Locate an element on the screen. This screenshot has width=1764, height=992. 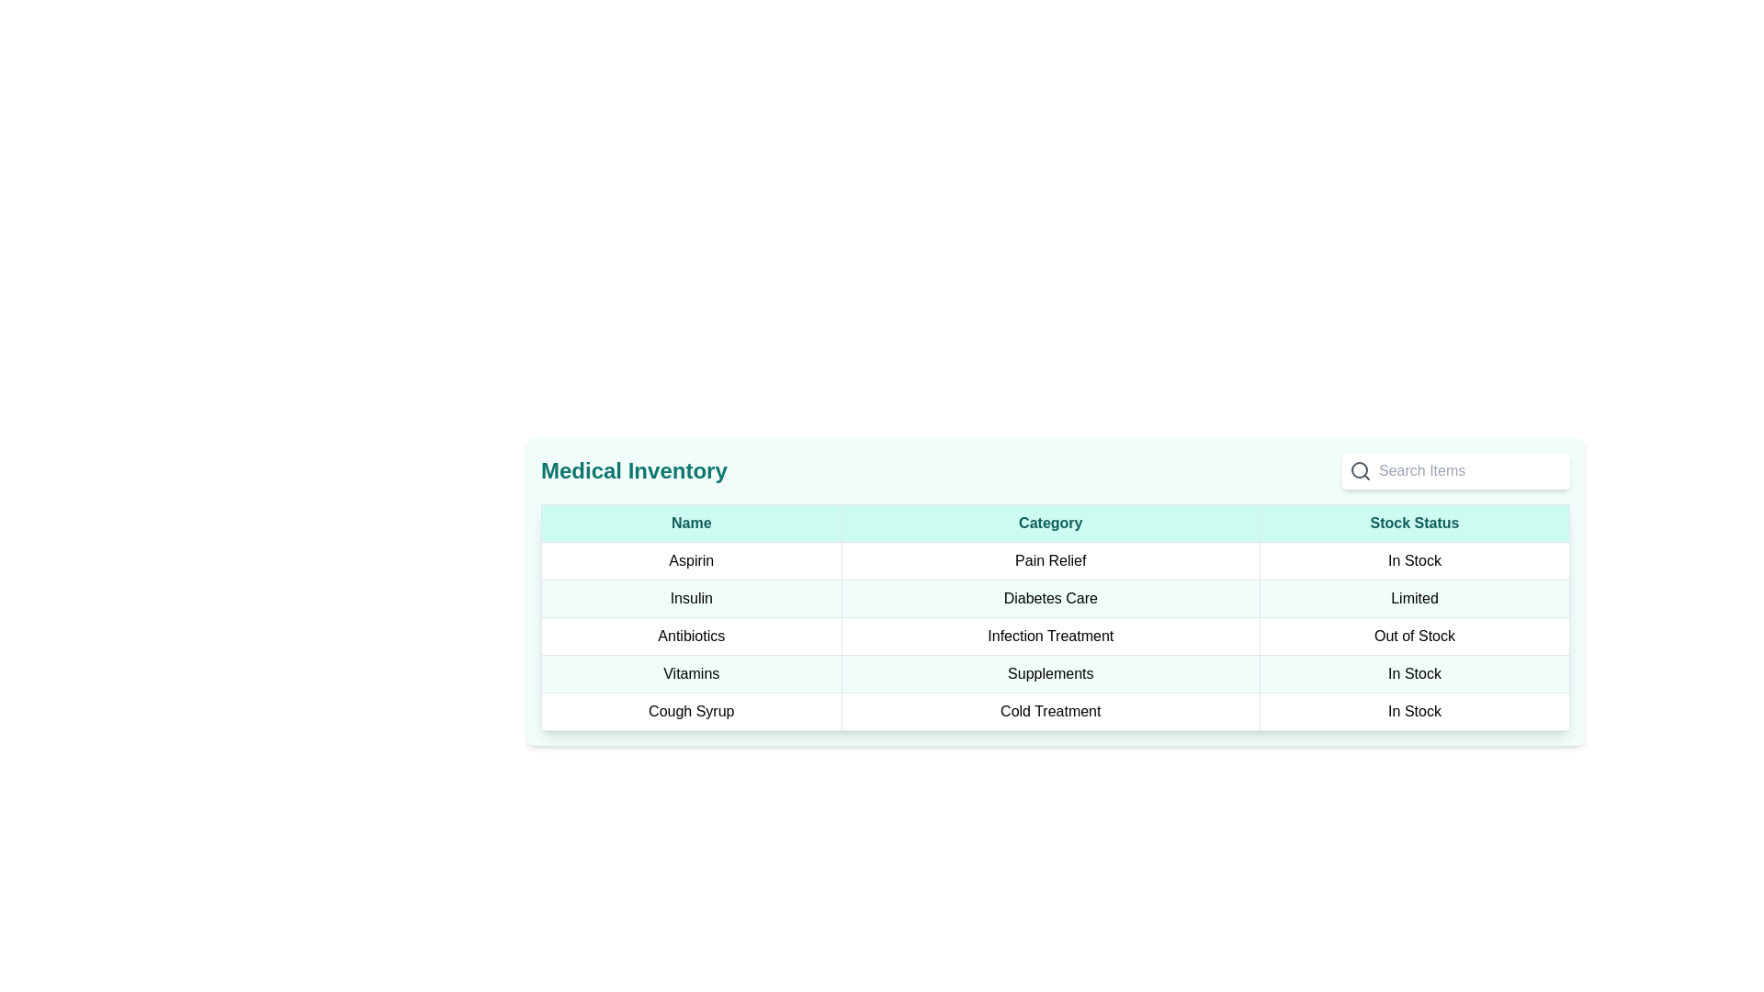
the text label that reads 'Diabetes Care', which is the second item in the 'Category' column of the table row for 'Insulin' is located at coordinates (1050, 598).